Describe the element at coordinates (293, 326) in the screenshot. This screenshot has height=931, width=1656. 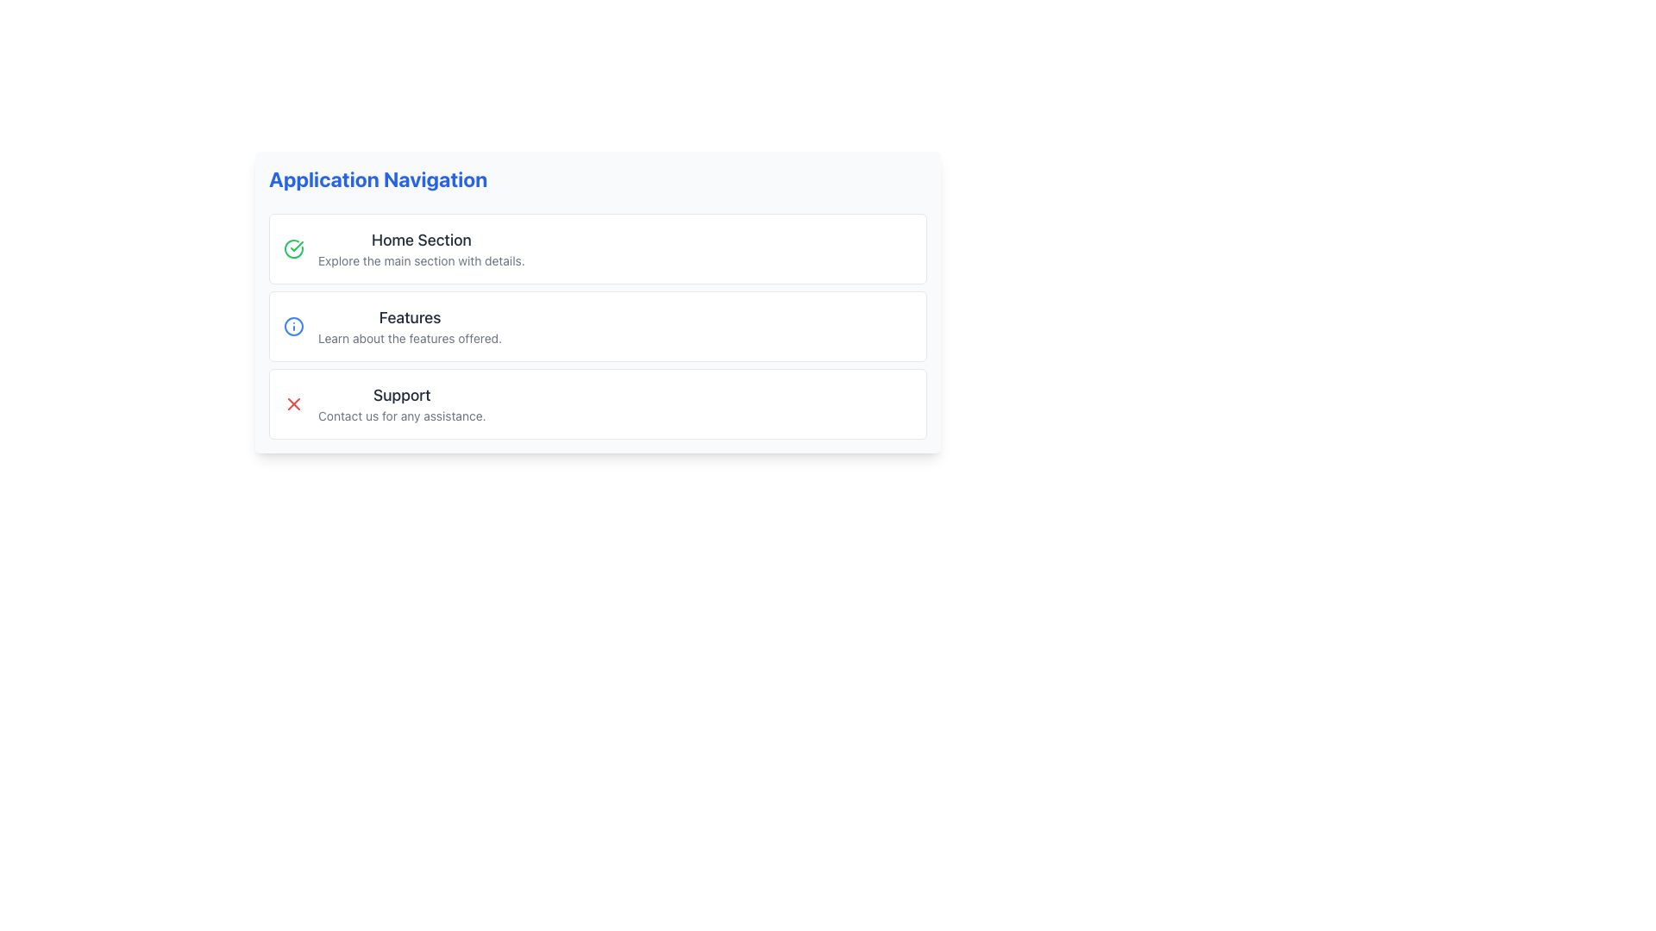
I see `the blue circular icon with an 'i' in the center, located next to the 'Features' title in the 'Features' section` at that location.